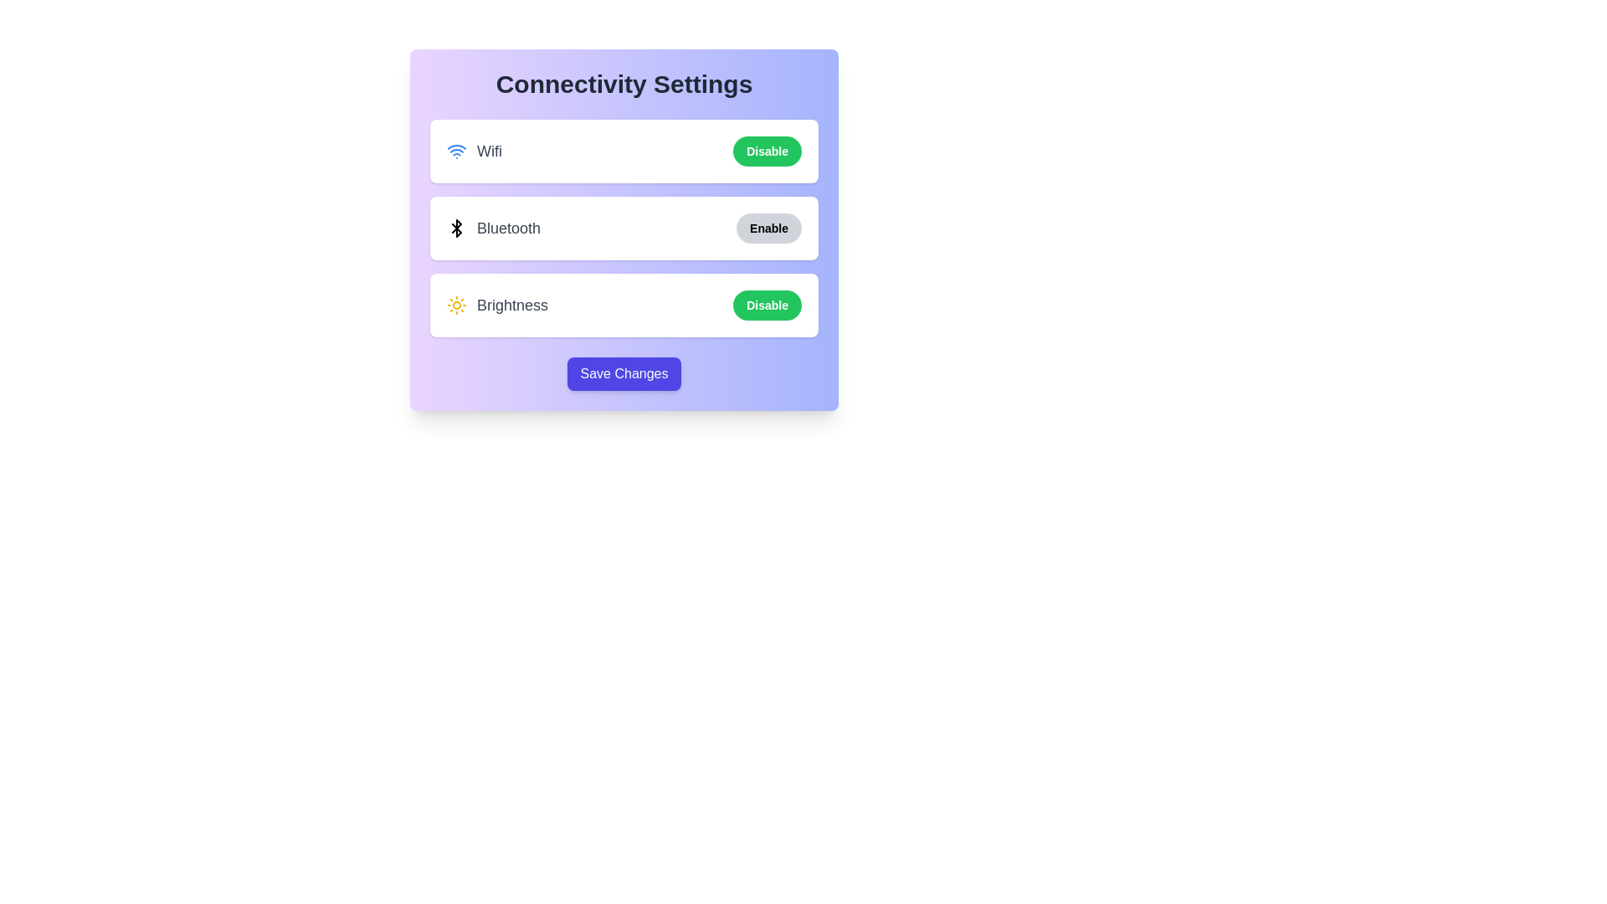 This screenshot has height=904, width=1607. What do you see at coordinates (623, 373) in the screenshot?
I see `the 'Save Changes' button to save the current settings` at bounding box center [623, 373].